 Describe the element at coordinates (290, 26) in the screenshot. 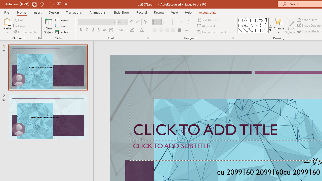

I see `'Quick Styles'` at that location.